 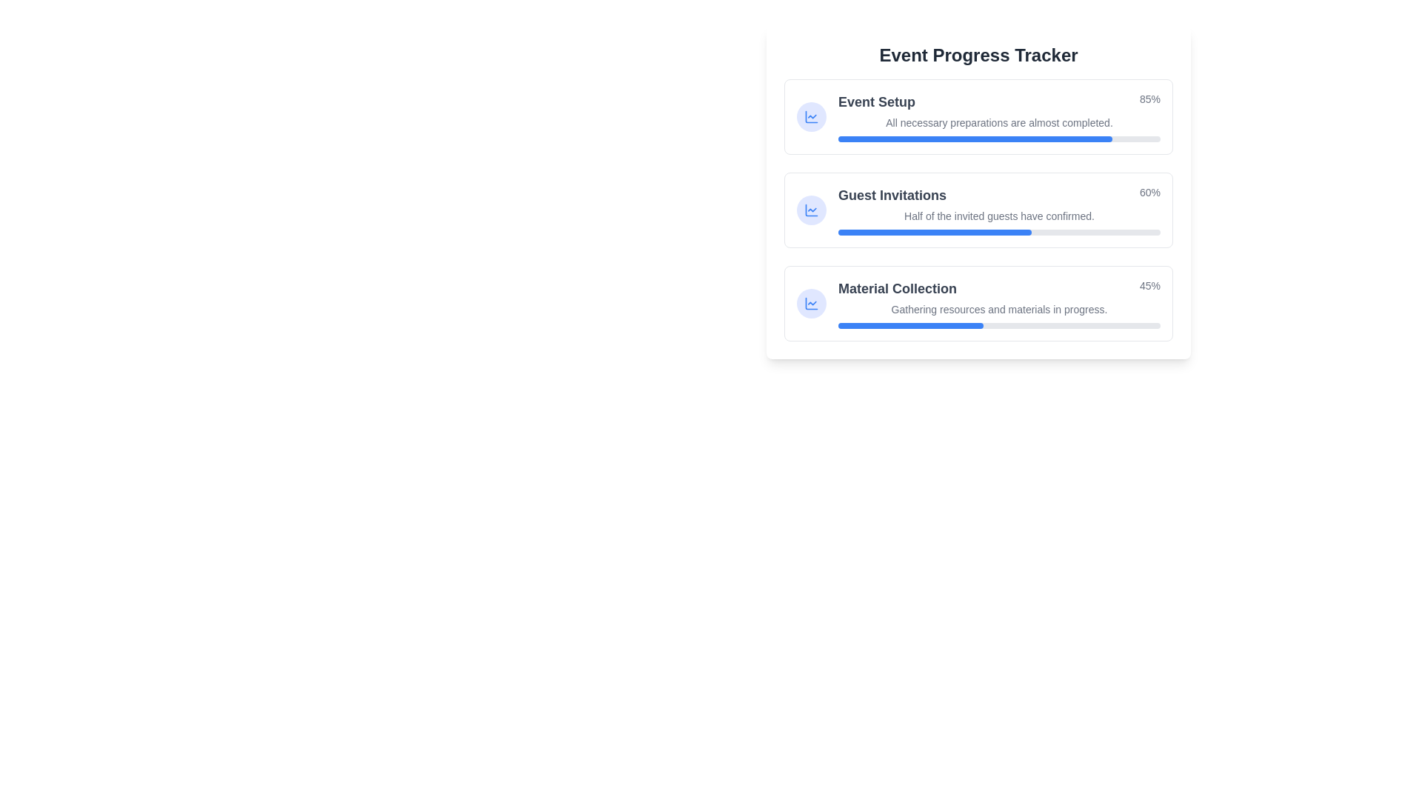 I want to click on the progress of the bar, so click(x=1109, y=139).